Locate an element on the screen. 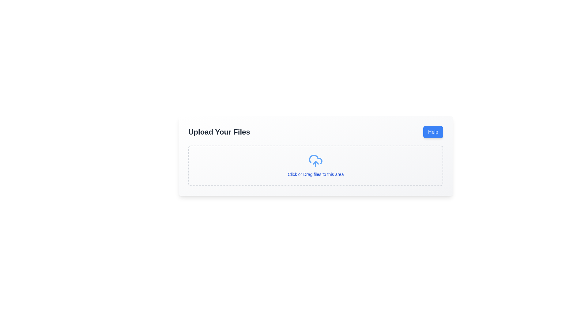 This screenshot has height=331, width=588. the file upload area located below the 'Upload Your Files' header and to the left of the 'Help' button is located at coordinates (316, 165).